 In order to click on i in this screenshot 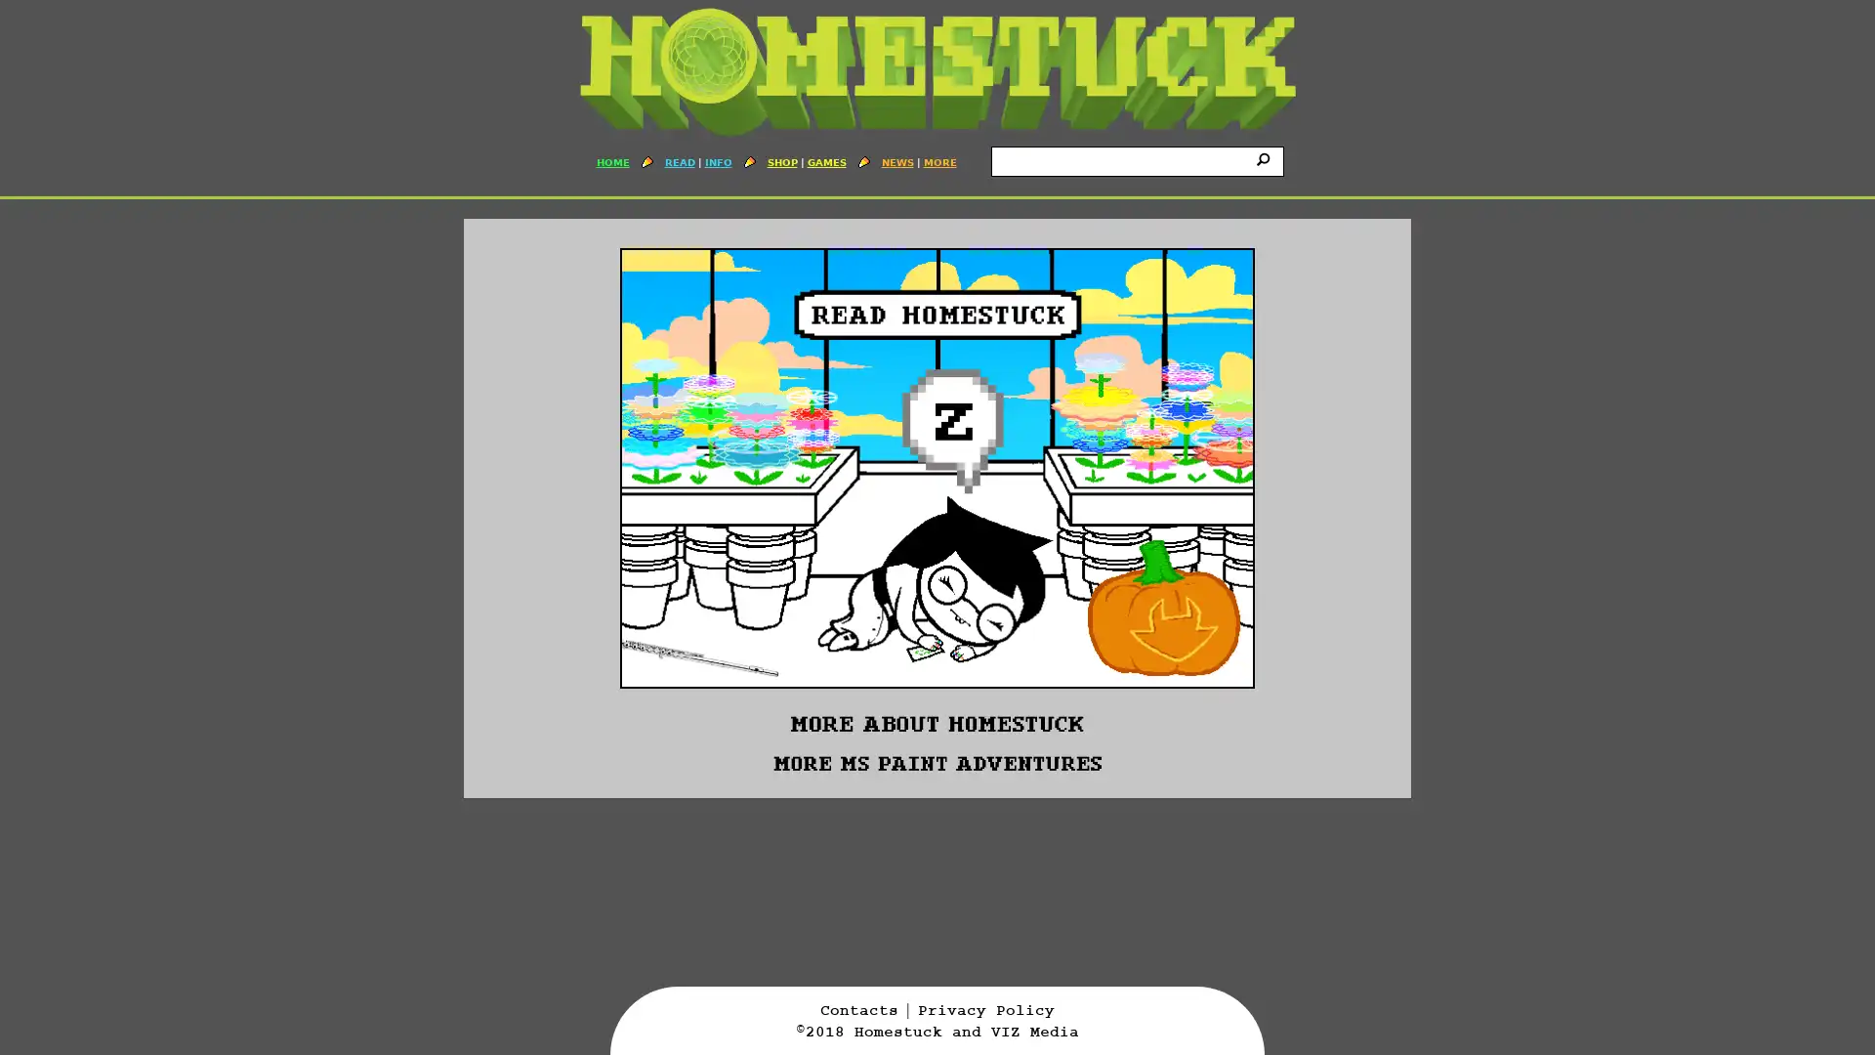, I will do `click(1266, 157)`.